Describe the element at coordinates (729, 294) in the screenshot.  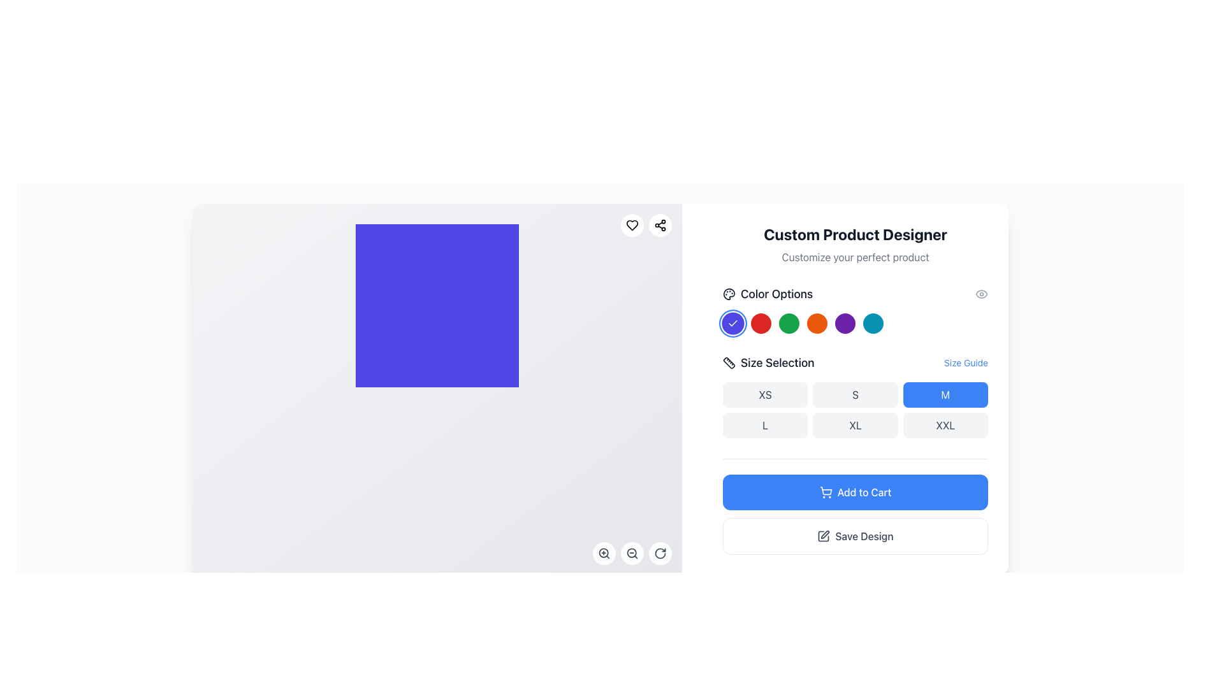
I see `the small painter's palette icon located in the top-left corner of the 'Color Options' section, which features multiple small circles representing paint colors` at that location.